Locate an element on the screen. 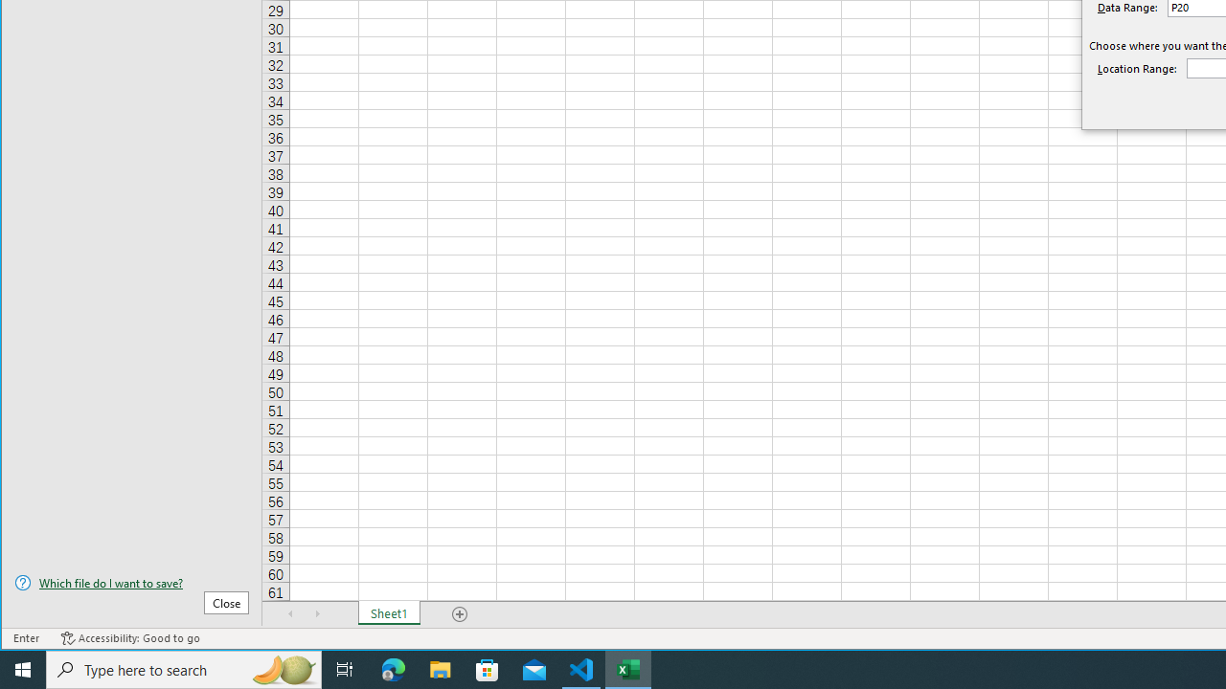 Image resolution: width=1226 pixels, height=689 pixels. 'Scroll Left' is located at coordinates (290, 613).